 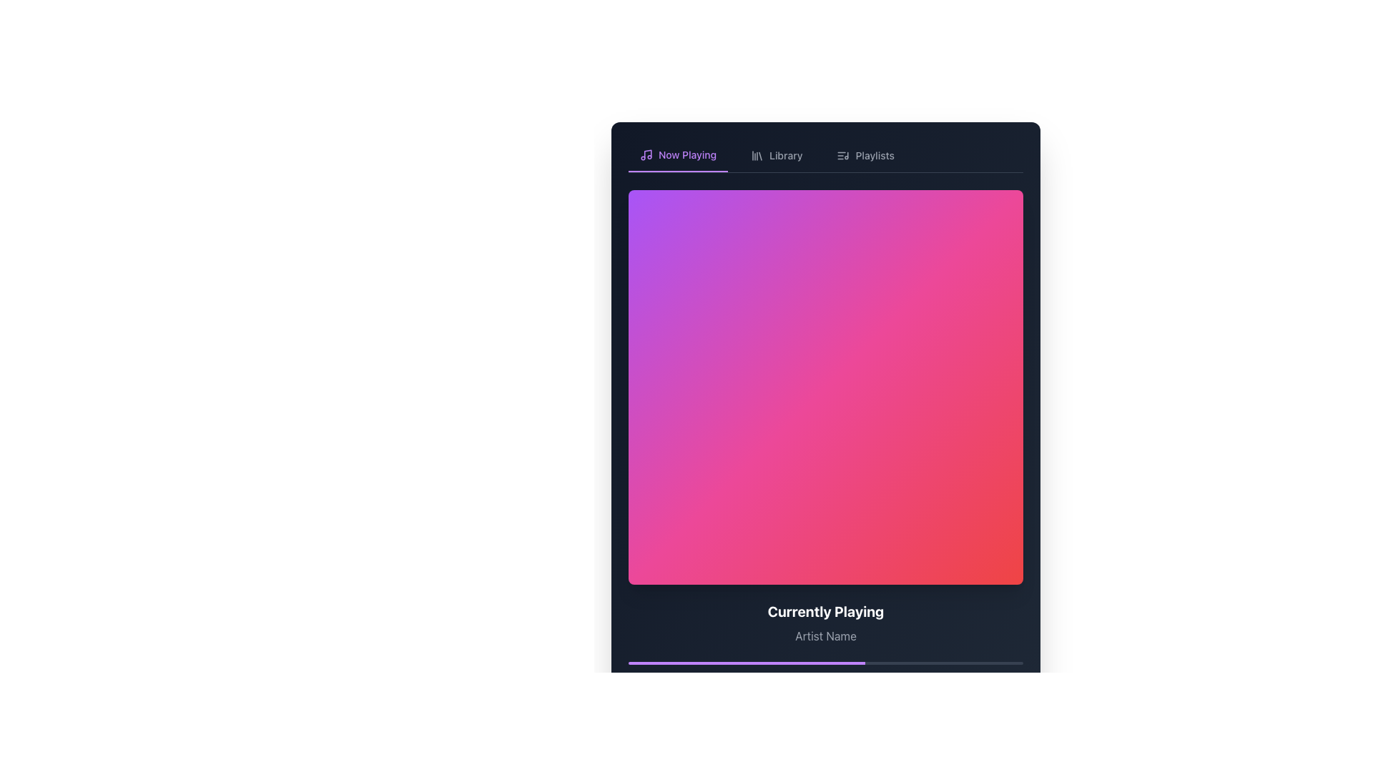 What do you see at coordinates (779, 760) in the screenshot?
I see `the filled portion of the progress bar located near the bottom of the interface, which represents the playback progress of the media player` at bounding box center [779, 760].